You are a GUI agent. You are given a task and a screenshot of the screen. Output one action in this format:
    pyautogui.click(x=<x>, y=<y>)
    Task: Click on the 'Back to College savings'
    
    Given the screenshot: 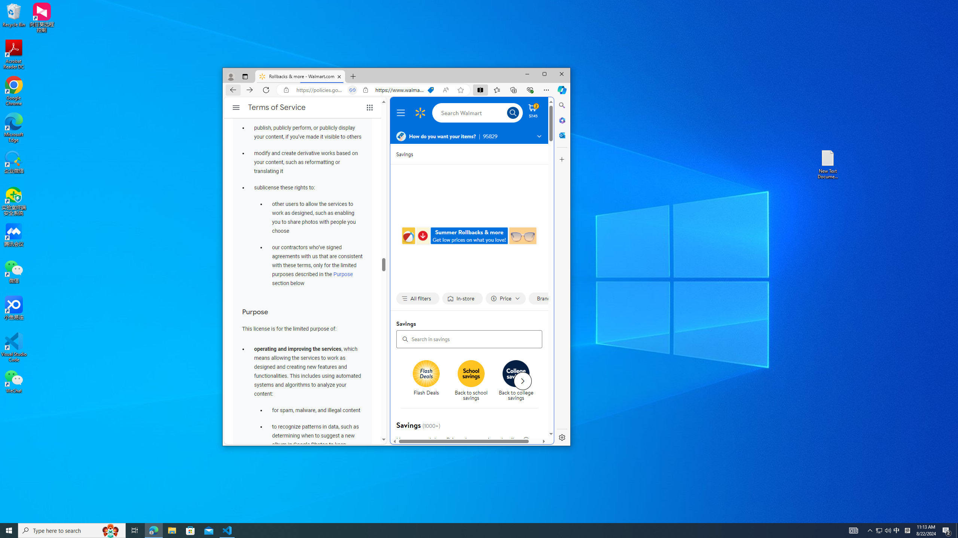 What is the action you would take?
    pyautogui.click(x=516, y=373)
    